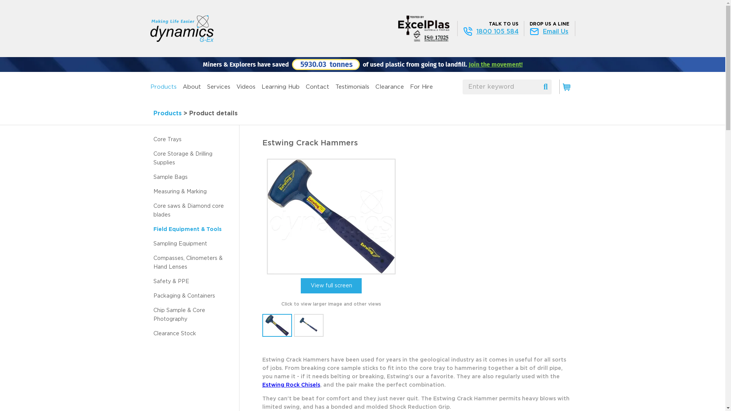 Image resolution: width=731 pixels, height=411 pixels. Describe the element at coordinates (317, 86) in the screenshot. I see `'Contact'` at that location.